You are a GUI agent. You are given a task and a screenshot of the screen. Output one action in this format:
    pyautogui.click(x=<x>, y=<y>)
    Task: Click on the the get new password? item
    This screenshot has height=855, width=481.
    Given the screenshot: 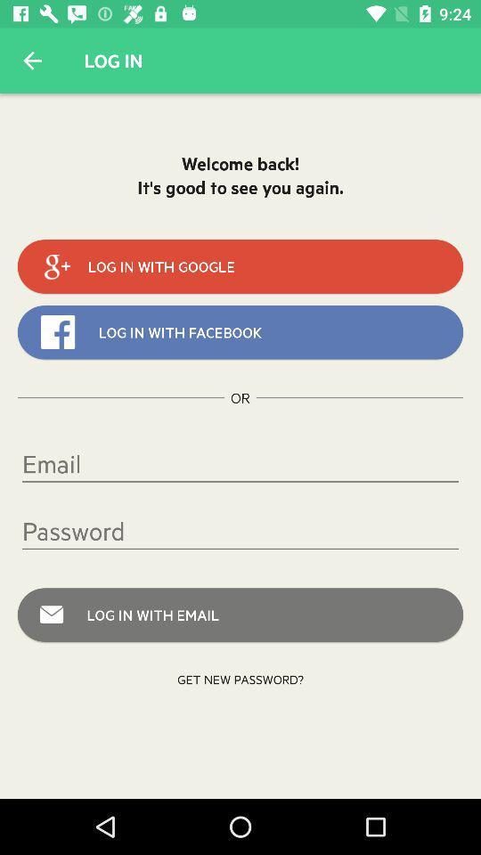 What is the action you would take?
    pyautogui.click(x=240, y=678)
    